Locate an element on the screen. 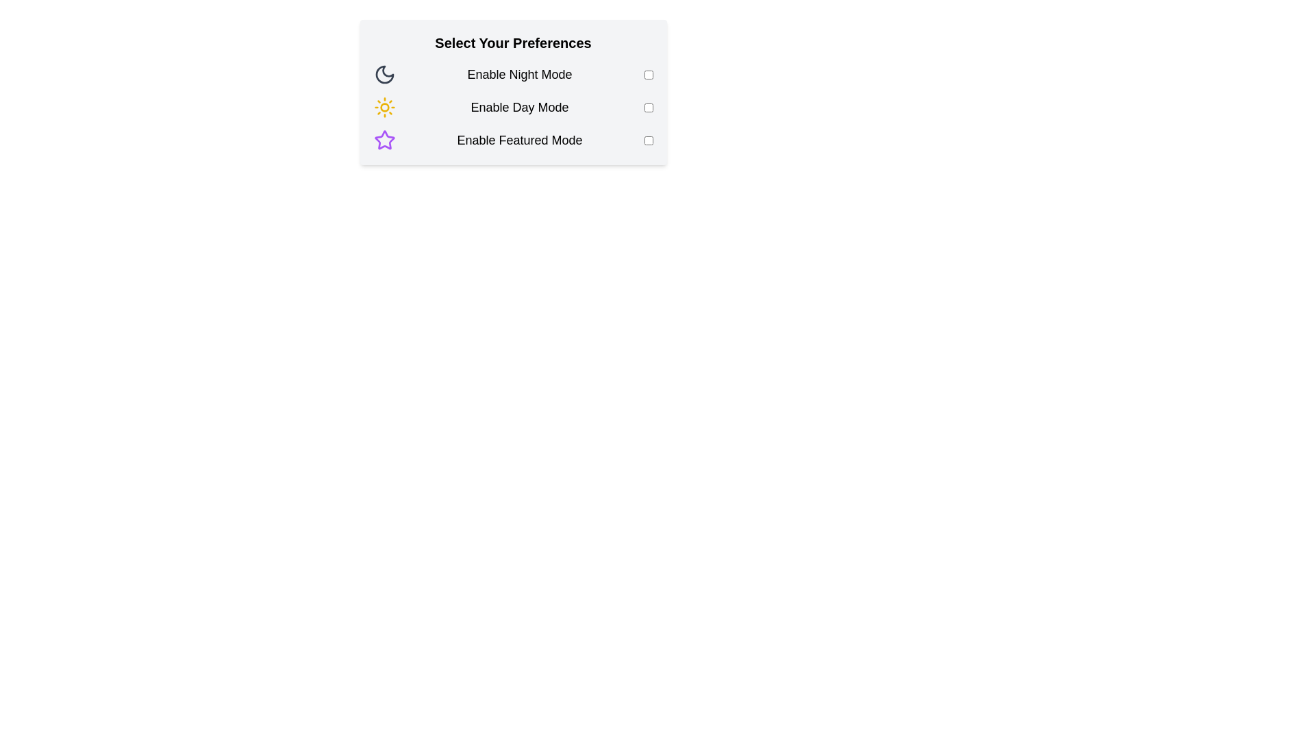 The height and width of the screenshot is (740, 1315). the 'Enable Featured Mode' labeled checkbox row is located at coordinates (512, 140).